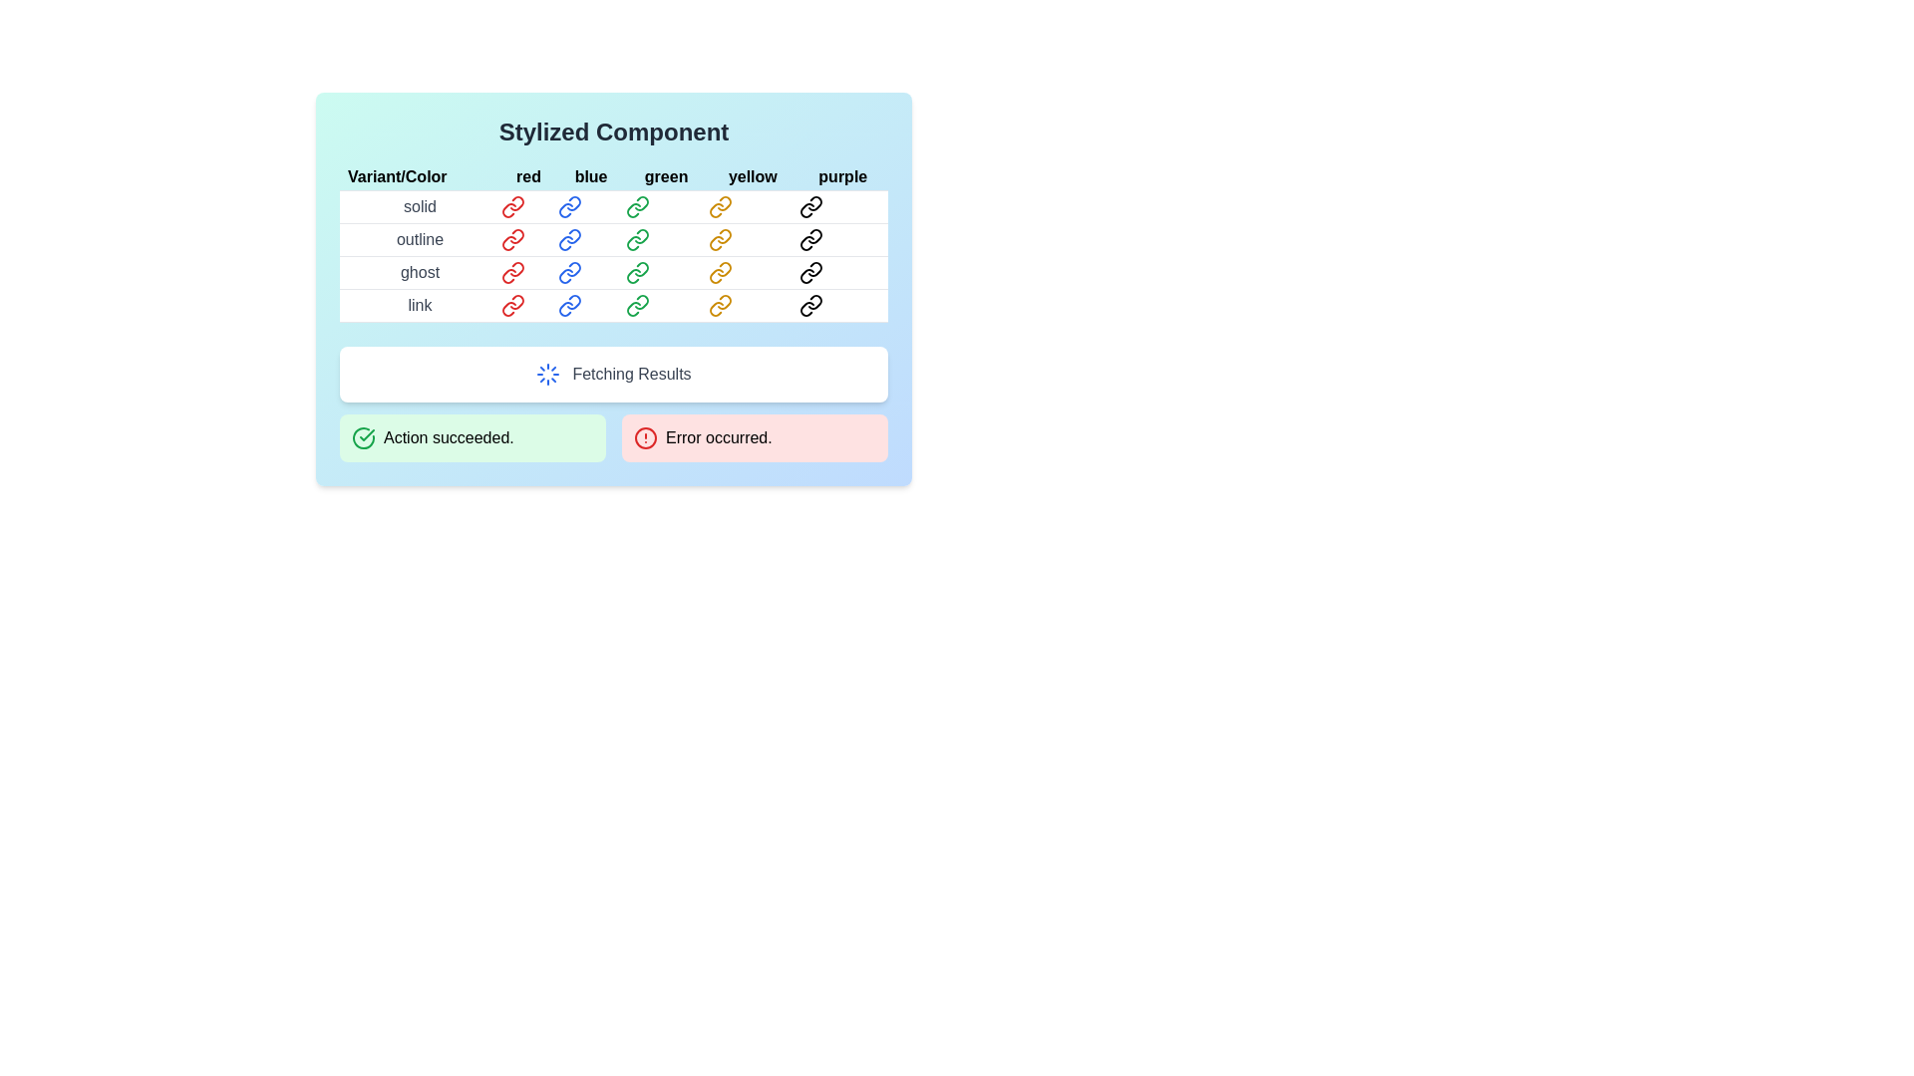 The width and height of the screenshot is (1914, 1076). I want to click on the hyperlink icon located in the fourth row labeled 'link' and the fourth column labeled 'yellow' to follow the link, so click(720, 306).